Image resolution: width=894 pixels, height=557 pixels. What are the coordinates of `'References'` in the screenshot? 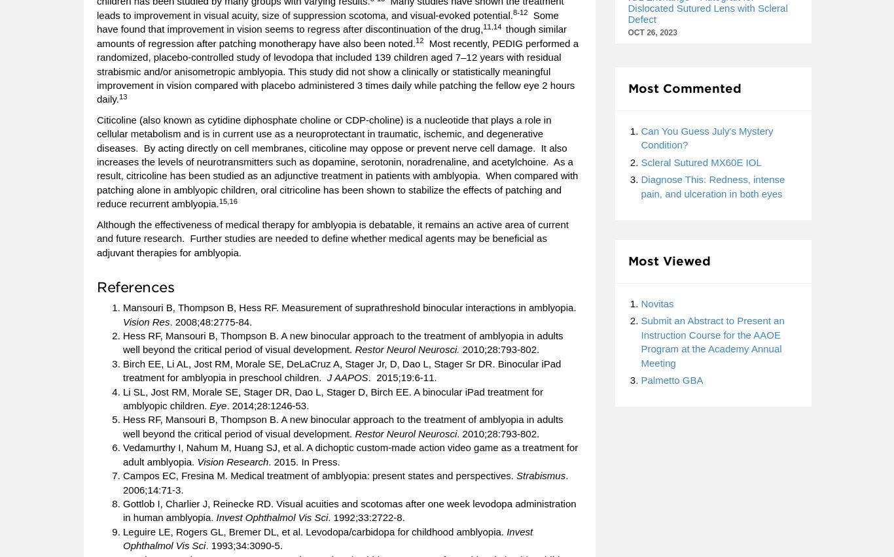 It's located at (134, 286).